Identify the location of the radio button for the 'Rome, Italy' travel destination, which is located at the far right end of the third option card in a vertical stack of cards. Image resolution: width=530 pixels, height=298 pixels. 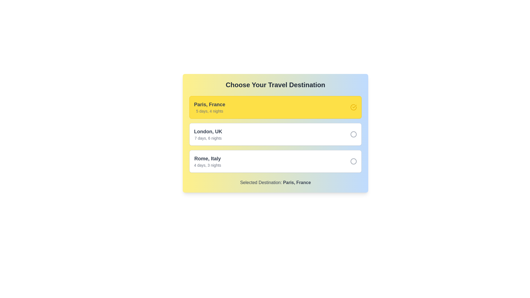
(354, 161).